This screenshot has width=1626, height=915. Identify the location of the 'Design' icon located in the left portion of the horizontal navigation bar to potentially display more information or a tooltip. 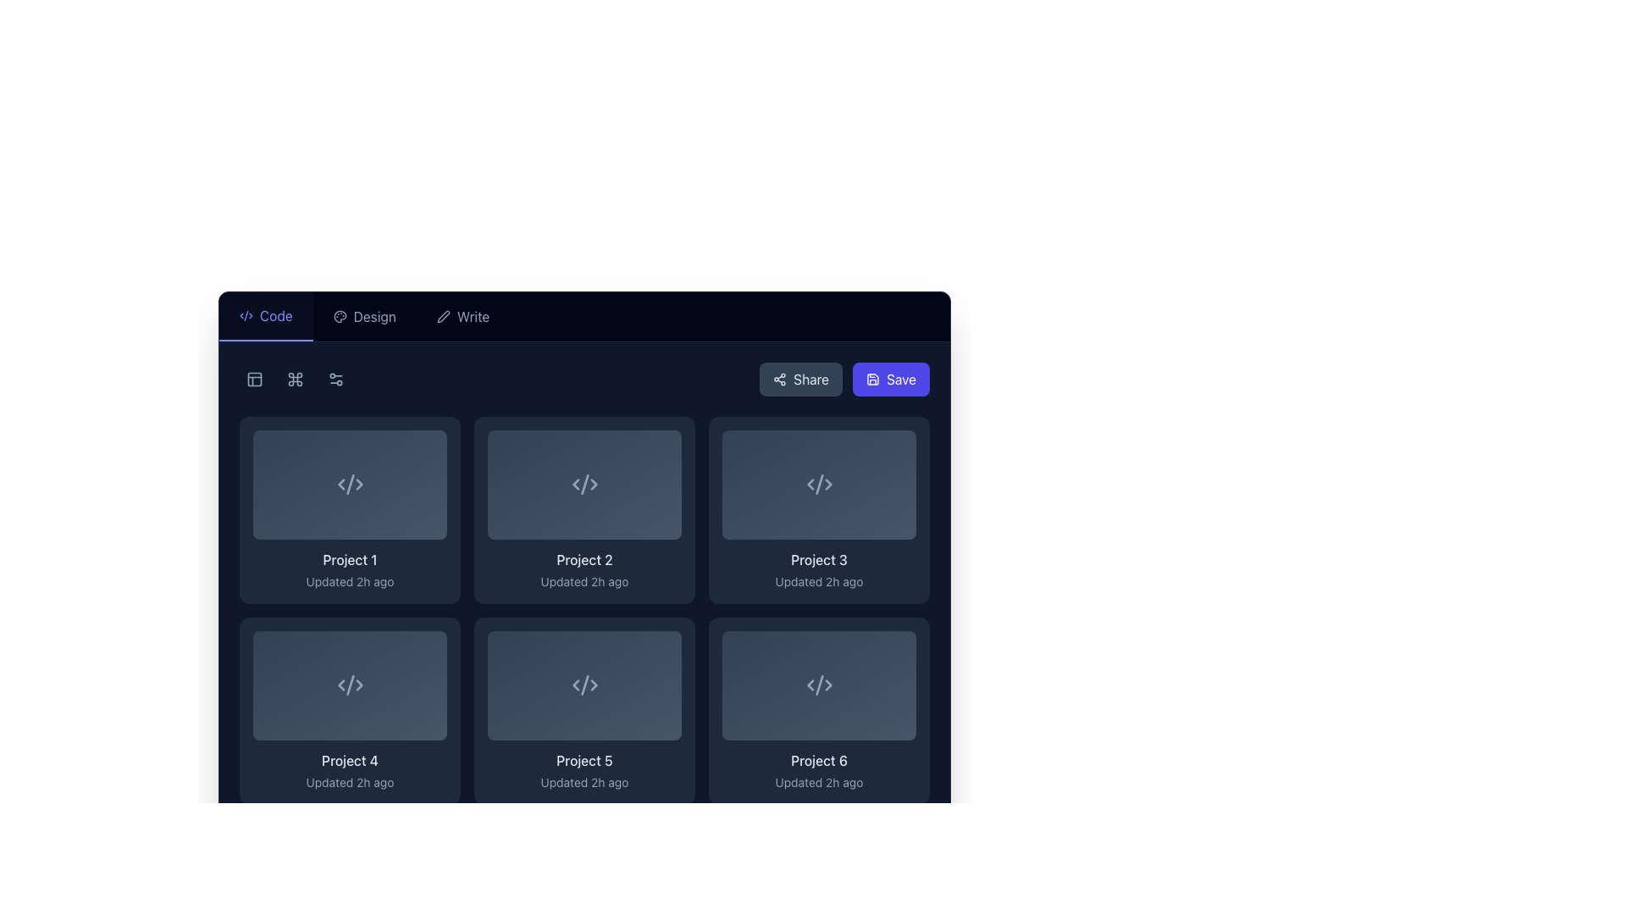
(339, 317).